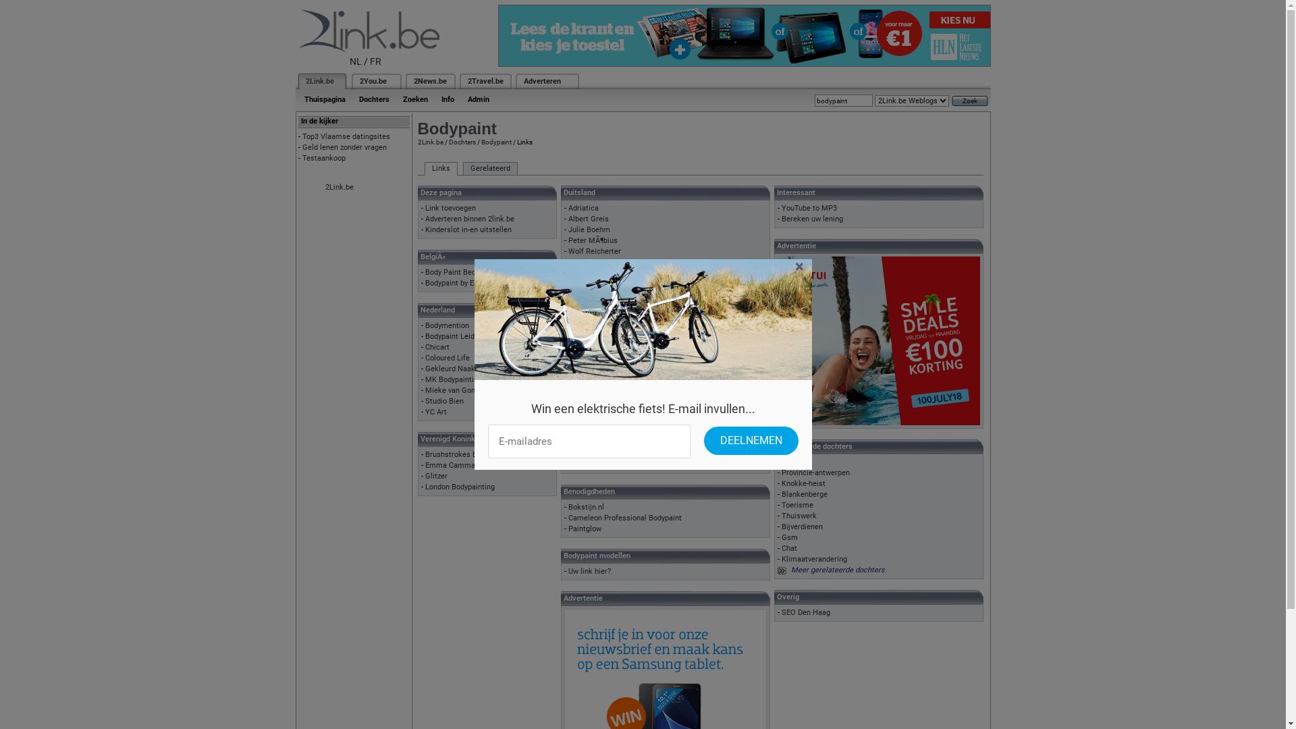  What do you see at coordinates (815, 472) in the screenshot?
I see `'Provincie-antwerpen'` at bounding box center [815, 472].